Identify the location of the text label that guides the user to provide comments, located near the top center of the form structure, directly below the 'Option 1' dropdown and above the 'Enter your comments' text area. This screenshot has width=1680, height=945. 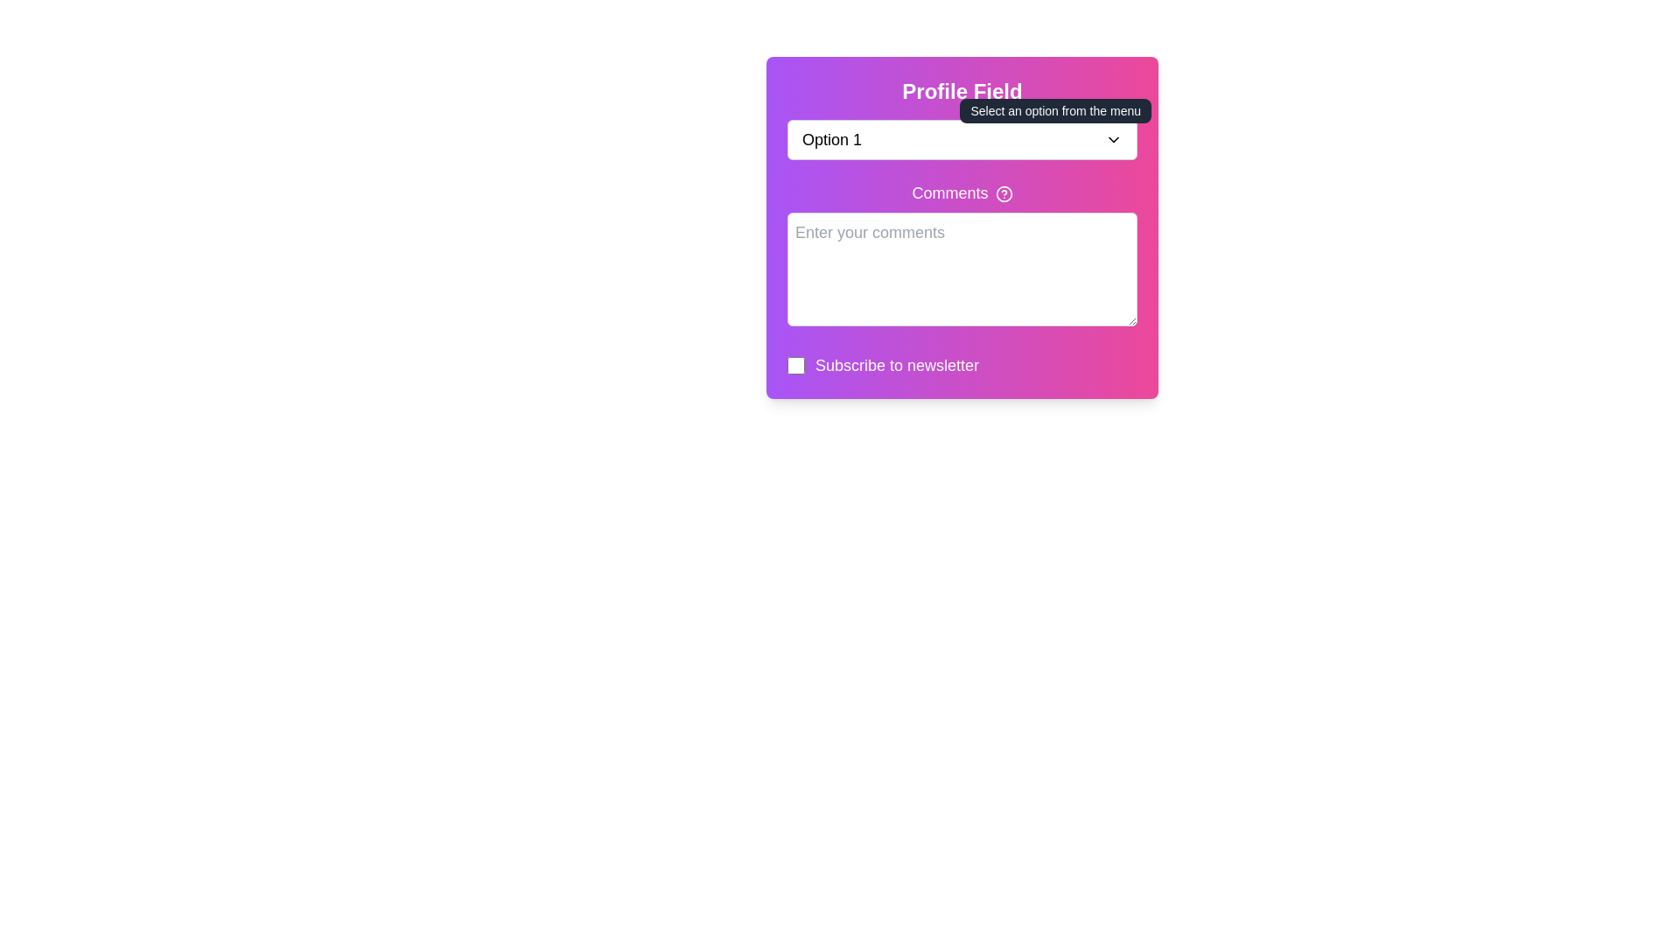
(961, 192).